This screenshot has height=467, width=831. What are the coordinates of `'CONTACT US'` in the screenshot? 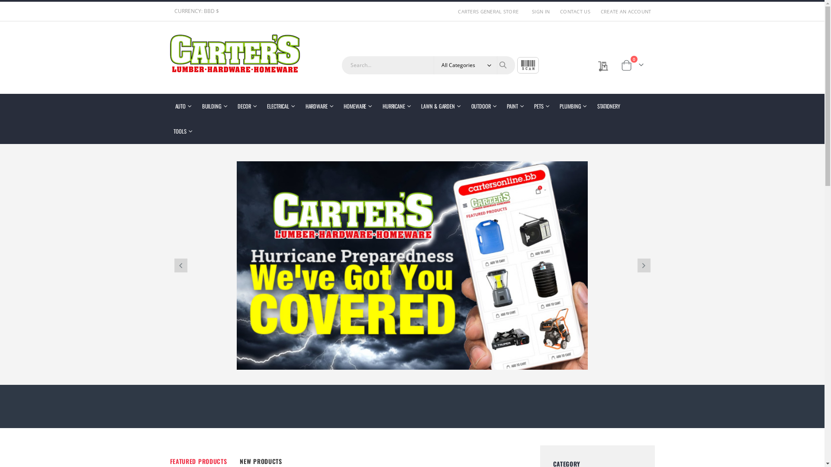 It's located at (573, 12).